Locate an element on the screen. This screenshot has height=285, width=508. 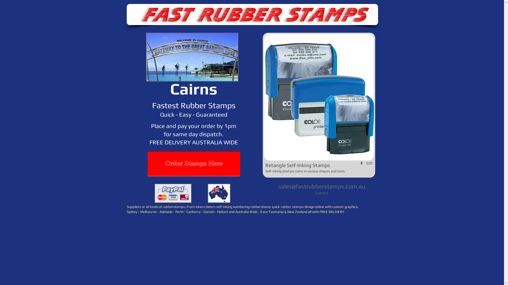
'Order Stamps Here' is located at coordinates (194, 163).